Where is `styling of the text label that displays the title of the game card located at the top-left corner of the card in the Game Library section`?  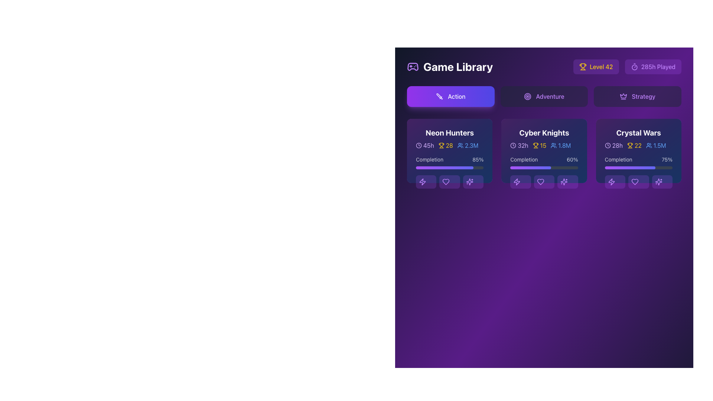 styling of the text label that displays the title of the game card located at the top-left corner of the card in the Game Library section is located at coordinates (449, 133).